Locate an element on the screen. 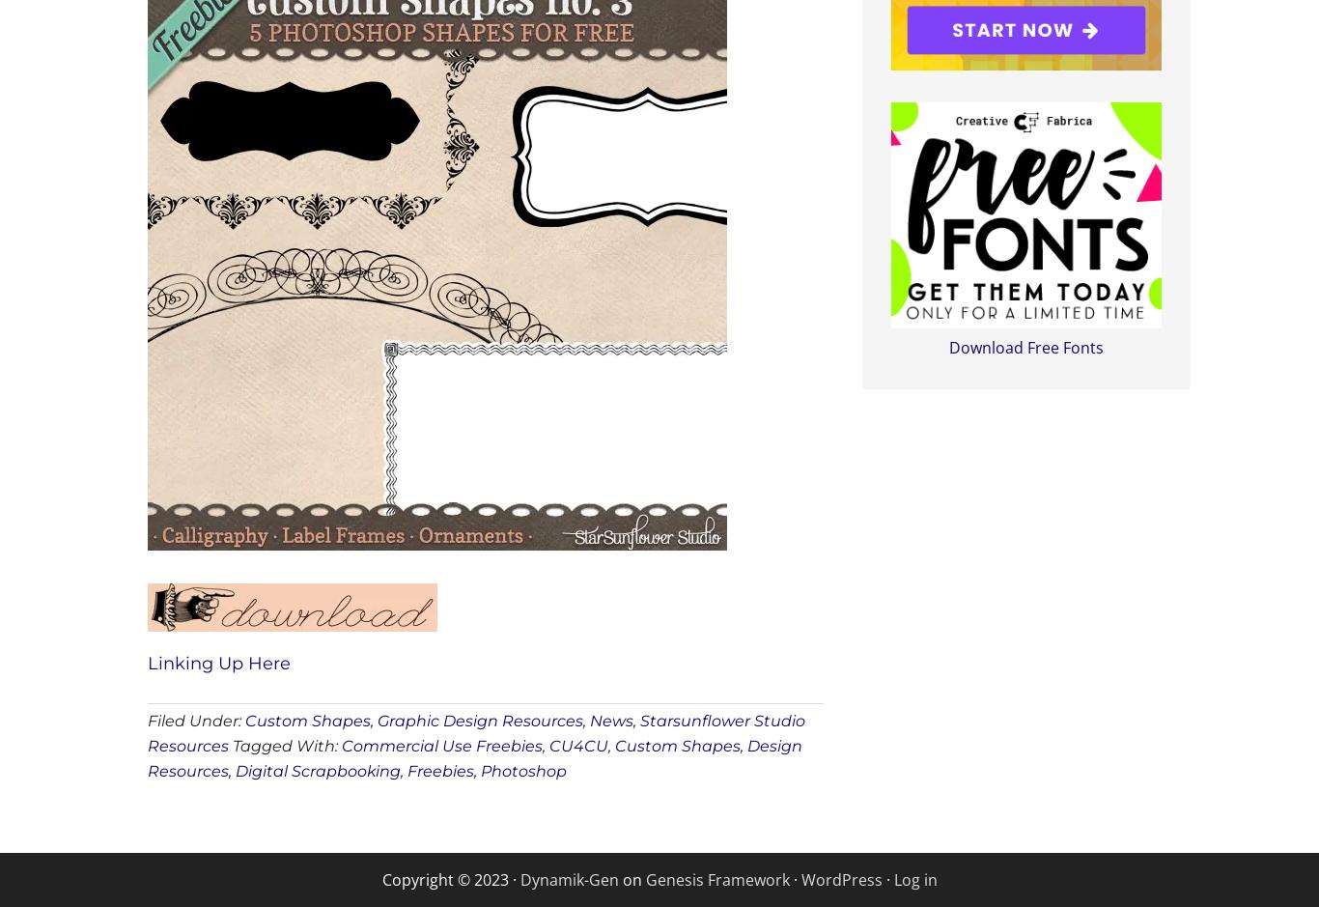 This screenshot has width=1319, height=907. 'Log in' is located at coordinates (893, 877).